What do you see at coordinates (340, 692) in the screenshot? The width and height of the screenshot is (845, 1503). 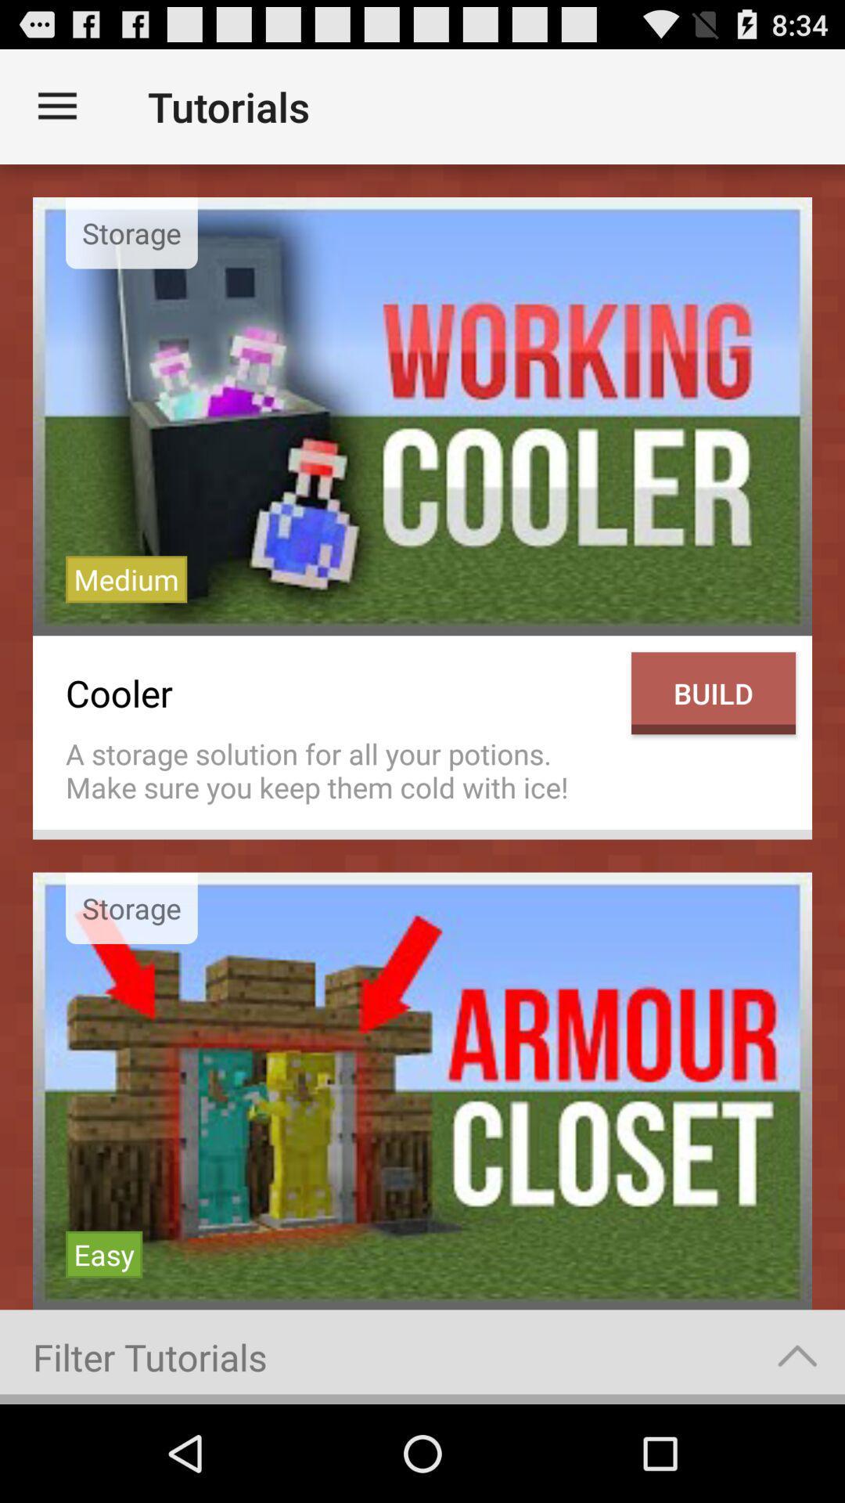 I see `the icon to the left of build item` at bounding box center [340, 692].